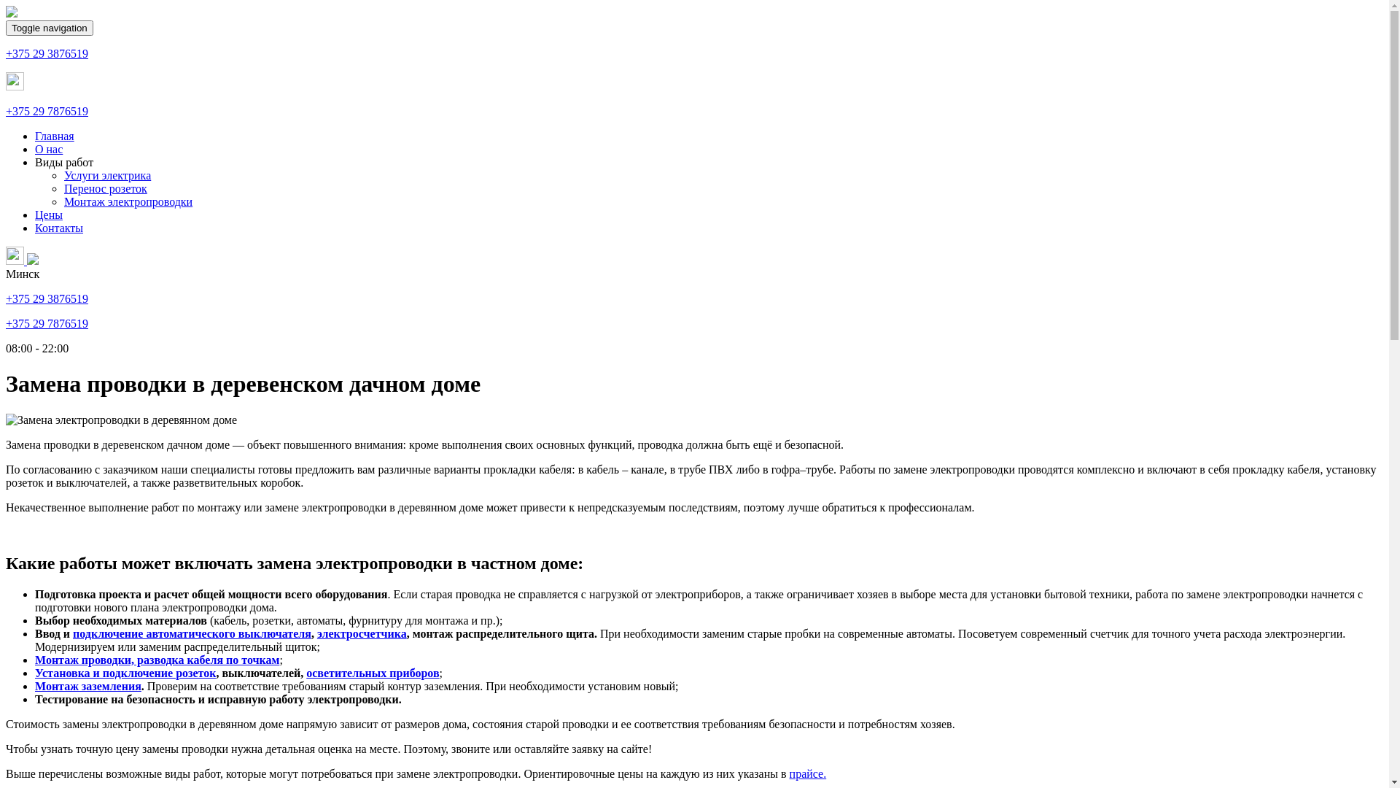 This screenshot has width=1400, height=788. I want to click on '+375 29 7876519', so click(6, 110).